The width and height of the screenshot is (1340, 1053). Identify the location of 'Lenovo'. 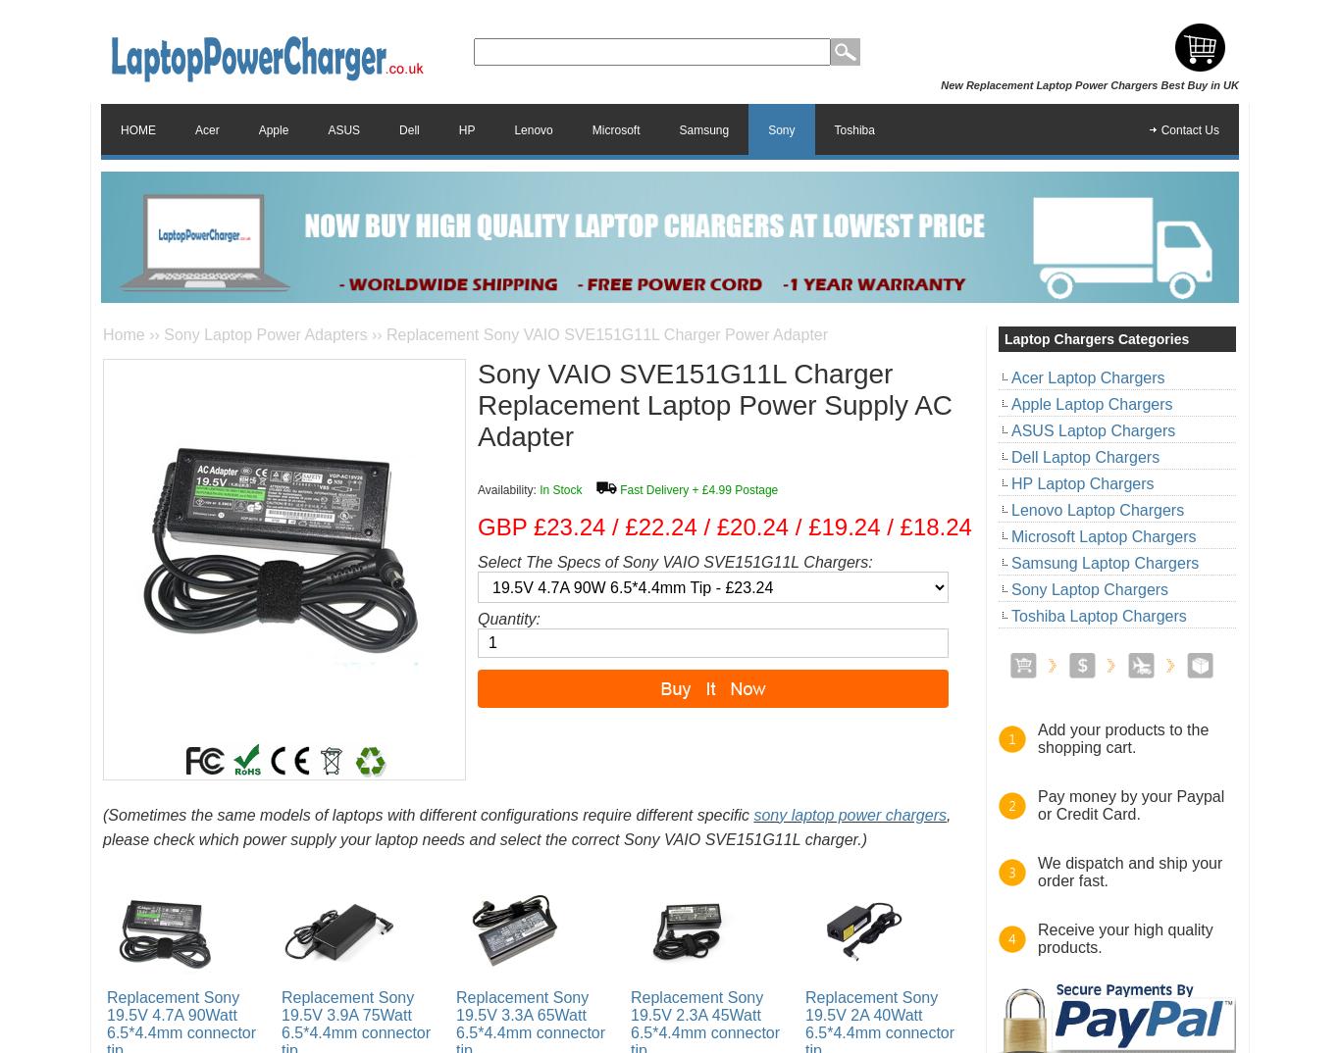
(533, 127).